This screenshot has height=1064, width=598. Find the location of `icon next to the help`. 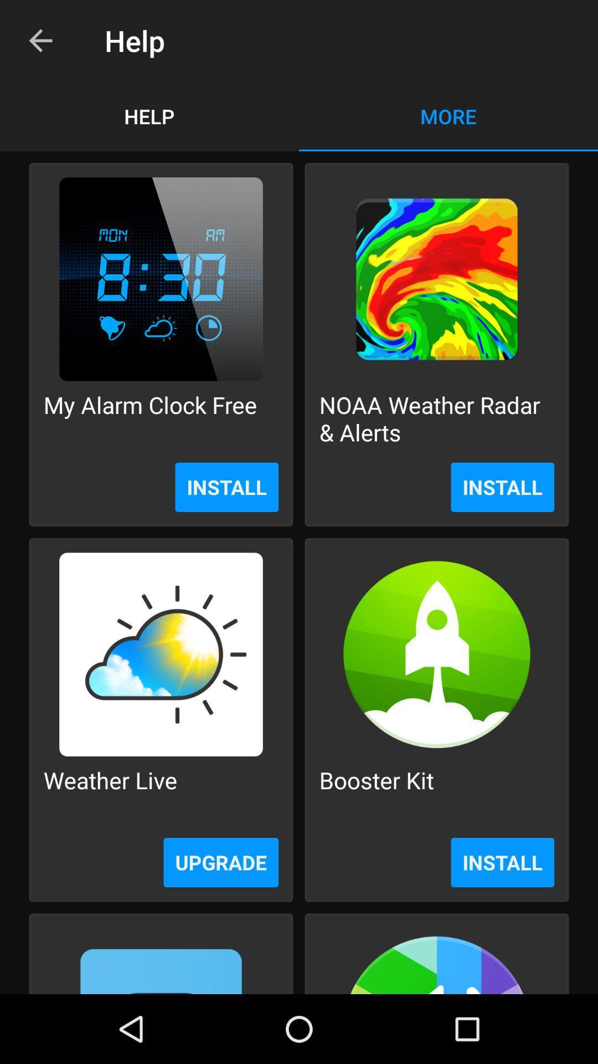

icon next to the help is located at coordinates (40, 40).